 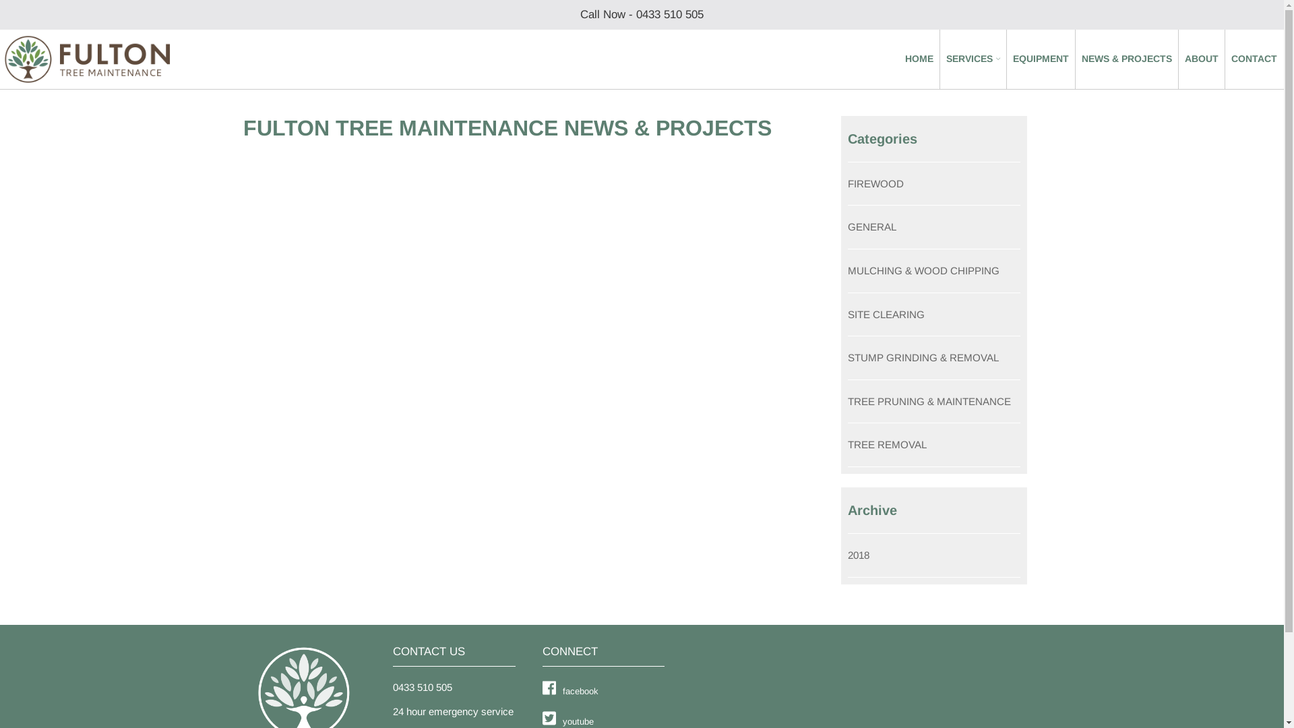 What do you see at coordinates (887, 444) in the screenshot?
I see `'TREE REMOVAL'` at bounding box center [887, 444].